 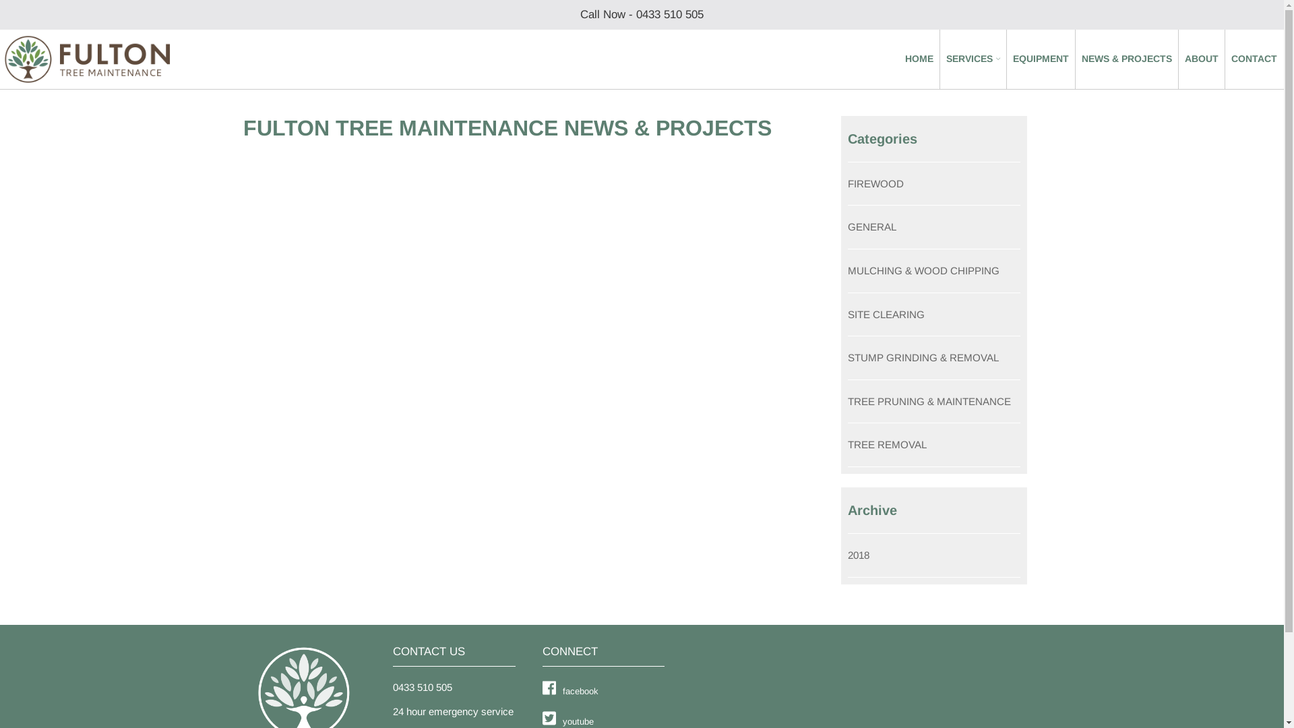 What do you see at coordinates (887, 444) in the screenshot?
I see `'TREE REMOVAL'` at bounding box center [887, 444].